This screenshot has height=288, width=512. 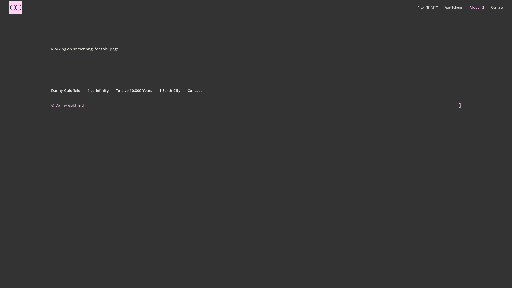 What do you see at coordinates (470, 10) in the screenshot?
I see `'About'` at bounding box center [470, 10].